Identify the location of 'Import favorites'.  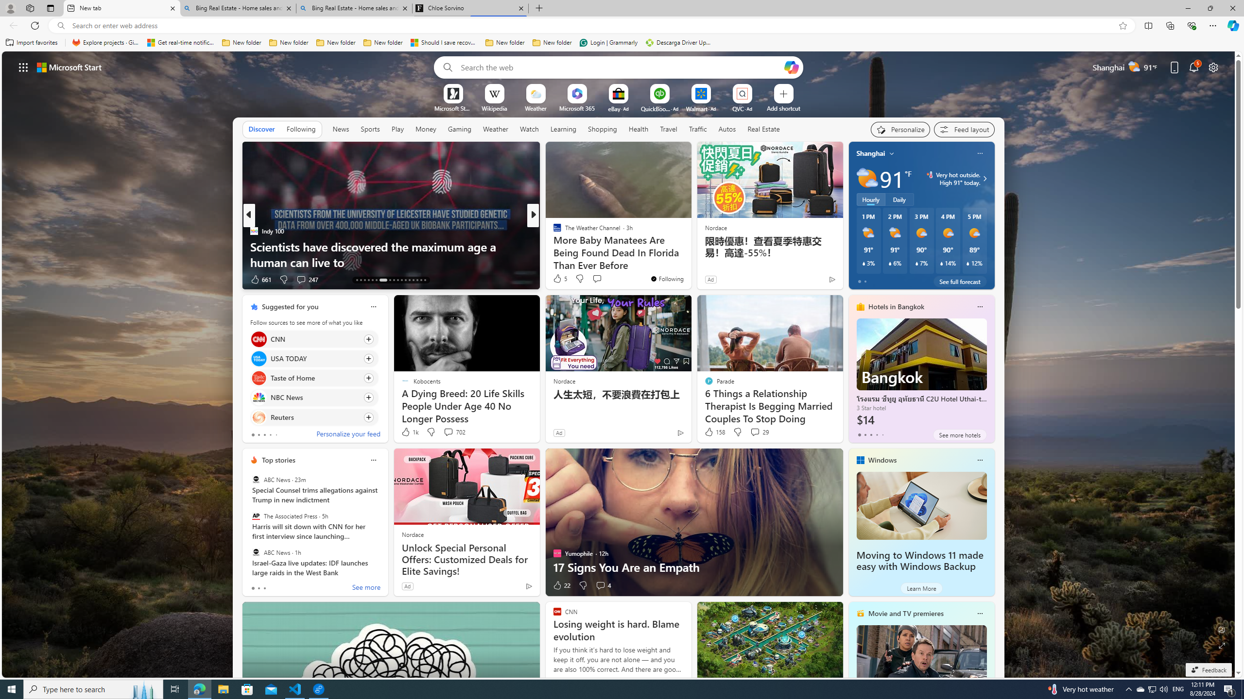
(32, 42).